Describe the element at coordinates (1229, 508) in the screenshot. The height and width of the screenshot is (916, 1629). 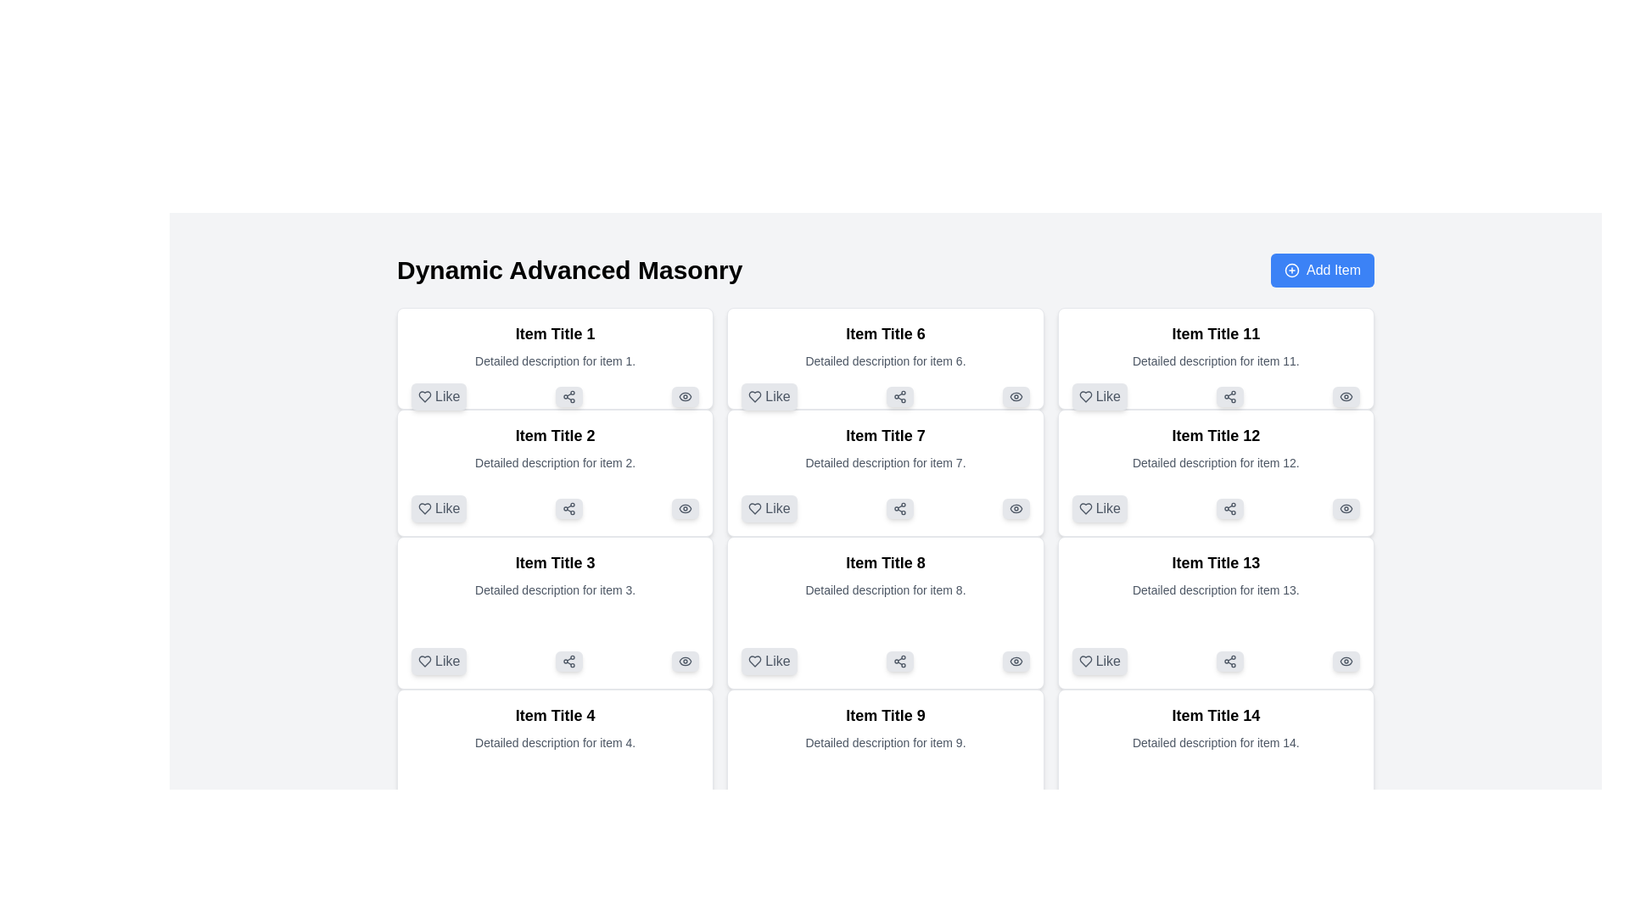
I see `the middle rounded rectangular button with a light gray background and a share symbol, located under 'Item Title 12', to share the item` at that location.